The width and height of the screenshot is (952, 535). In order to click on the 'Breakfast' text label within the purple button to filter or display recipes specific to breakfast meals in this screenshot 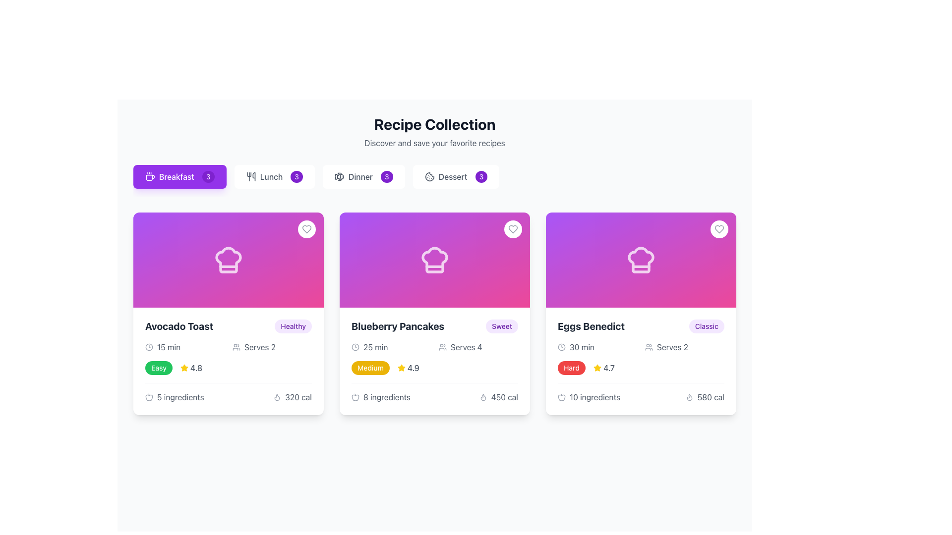, I will do `click(177, 176)`.